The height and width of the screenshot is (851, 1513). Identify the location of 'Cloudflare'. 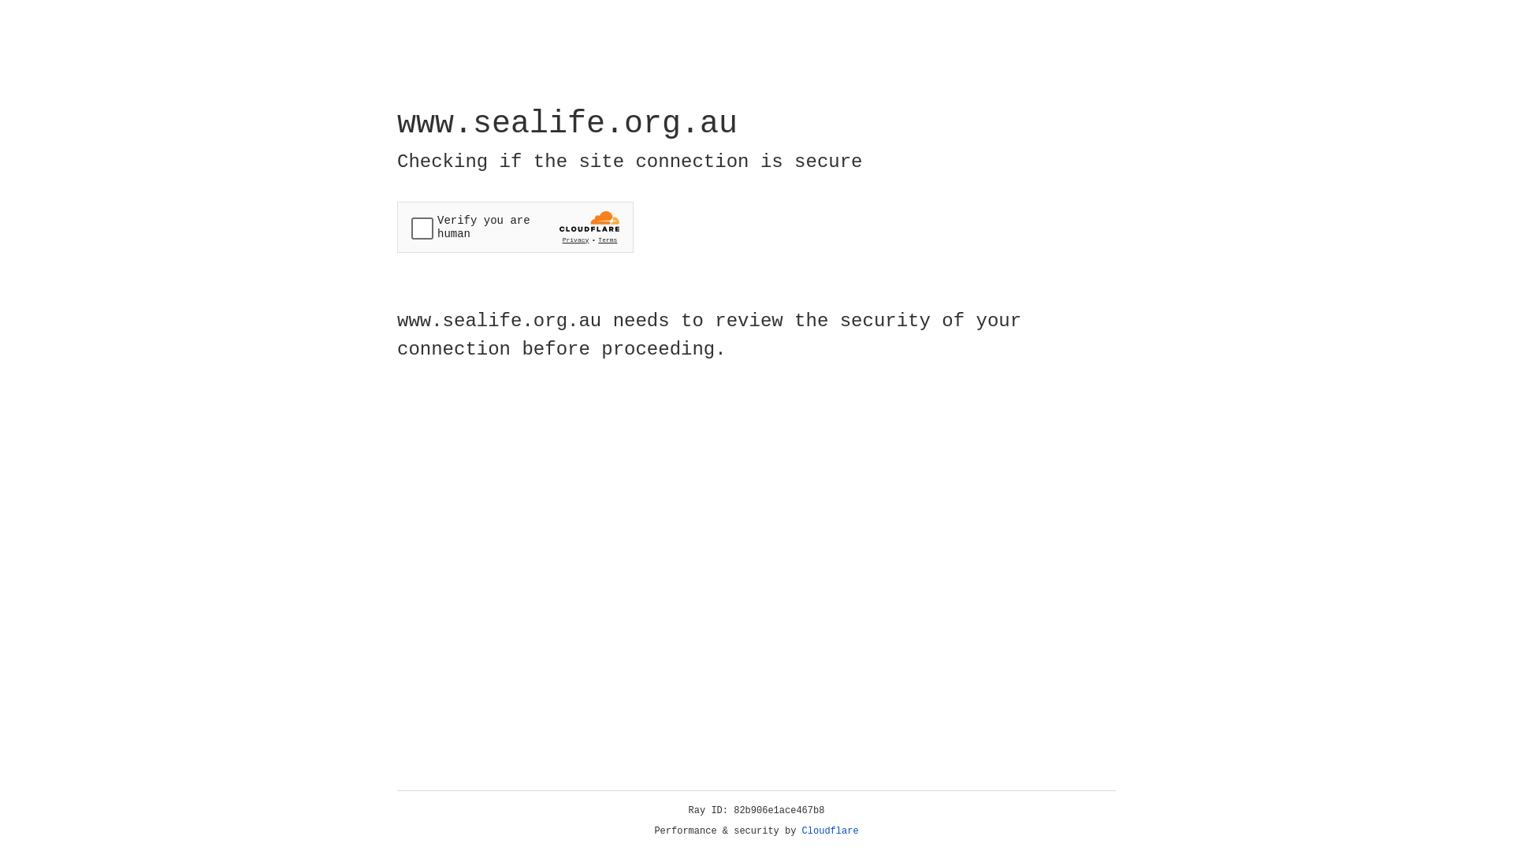
(830, 831).